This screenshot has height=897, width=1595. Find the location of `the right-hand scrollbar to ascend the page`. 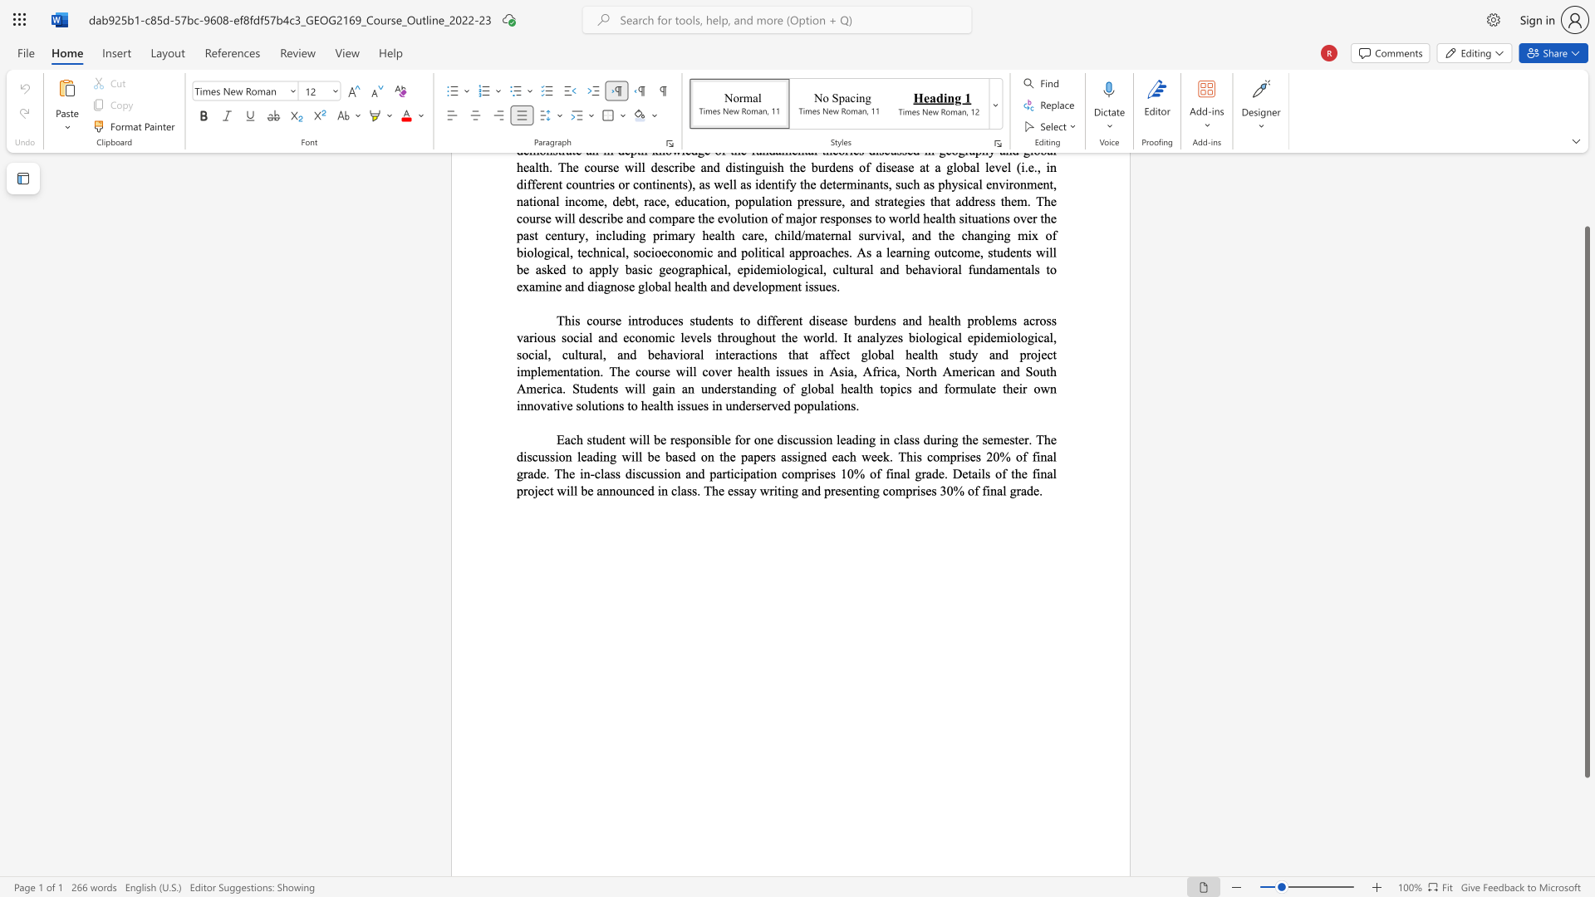

the right-hand scrollbar to ascend the page is located at coordinates (1586, 207).